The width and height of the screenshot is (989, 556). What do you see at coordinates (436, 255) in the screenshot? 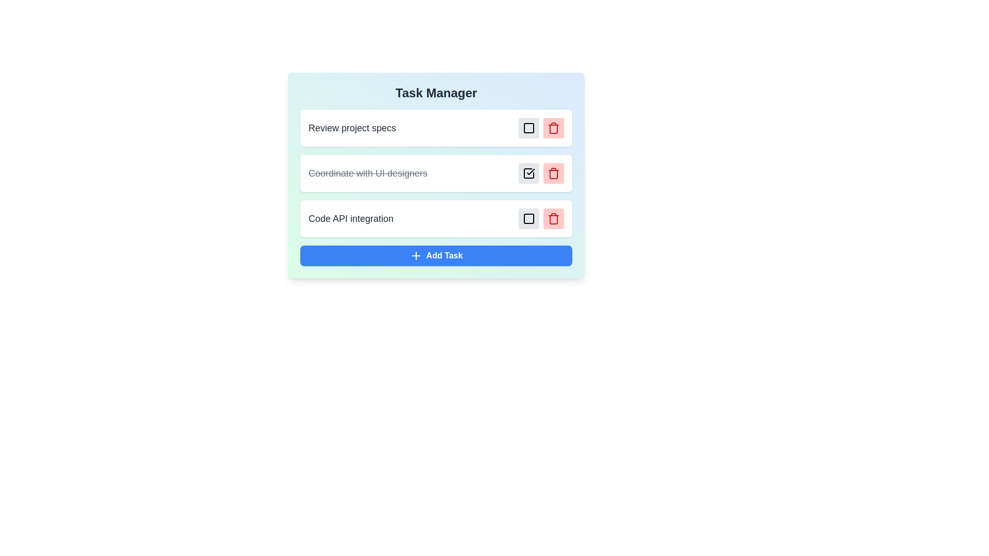
I see `'Add Task' button to add a new task to the list` at bounding box center [436, 255].